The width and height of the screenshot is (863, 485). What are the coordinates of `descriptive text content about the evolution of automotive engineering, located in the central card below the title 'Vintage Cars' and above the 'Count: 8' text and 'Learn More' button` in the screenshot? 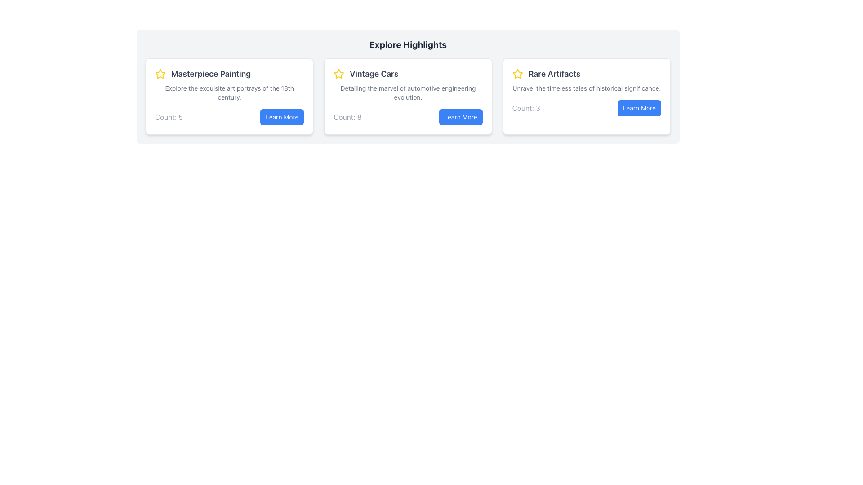 It's located at (407, 93).